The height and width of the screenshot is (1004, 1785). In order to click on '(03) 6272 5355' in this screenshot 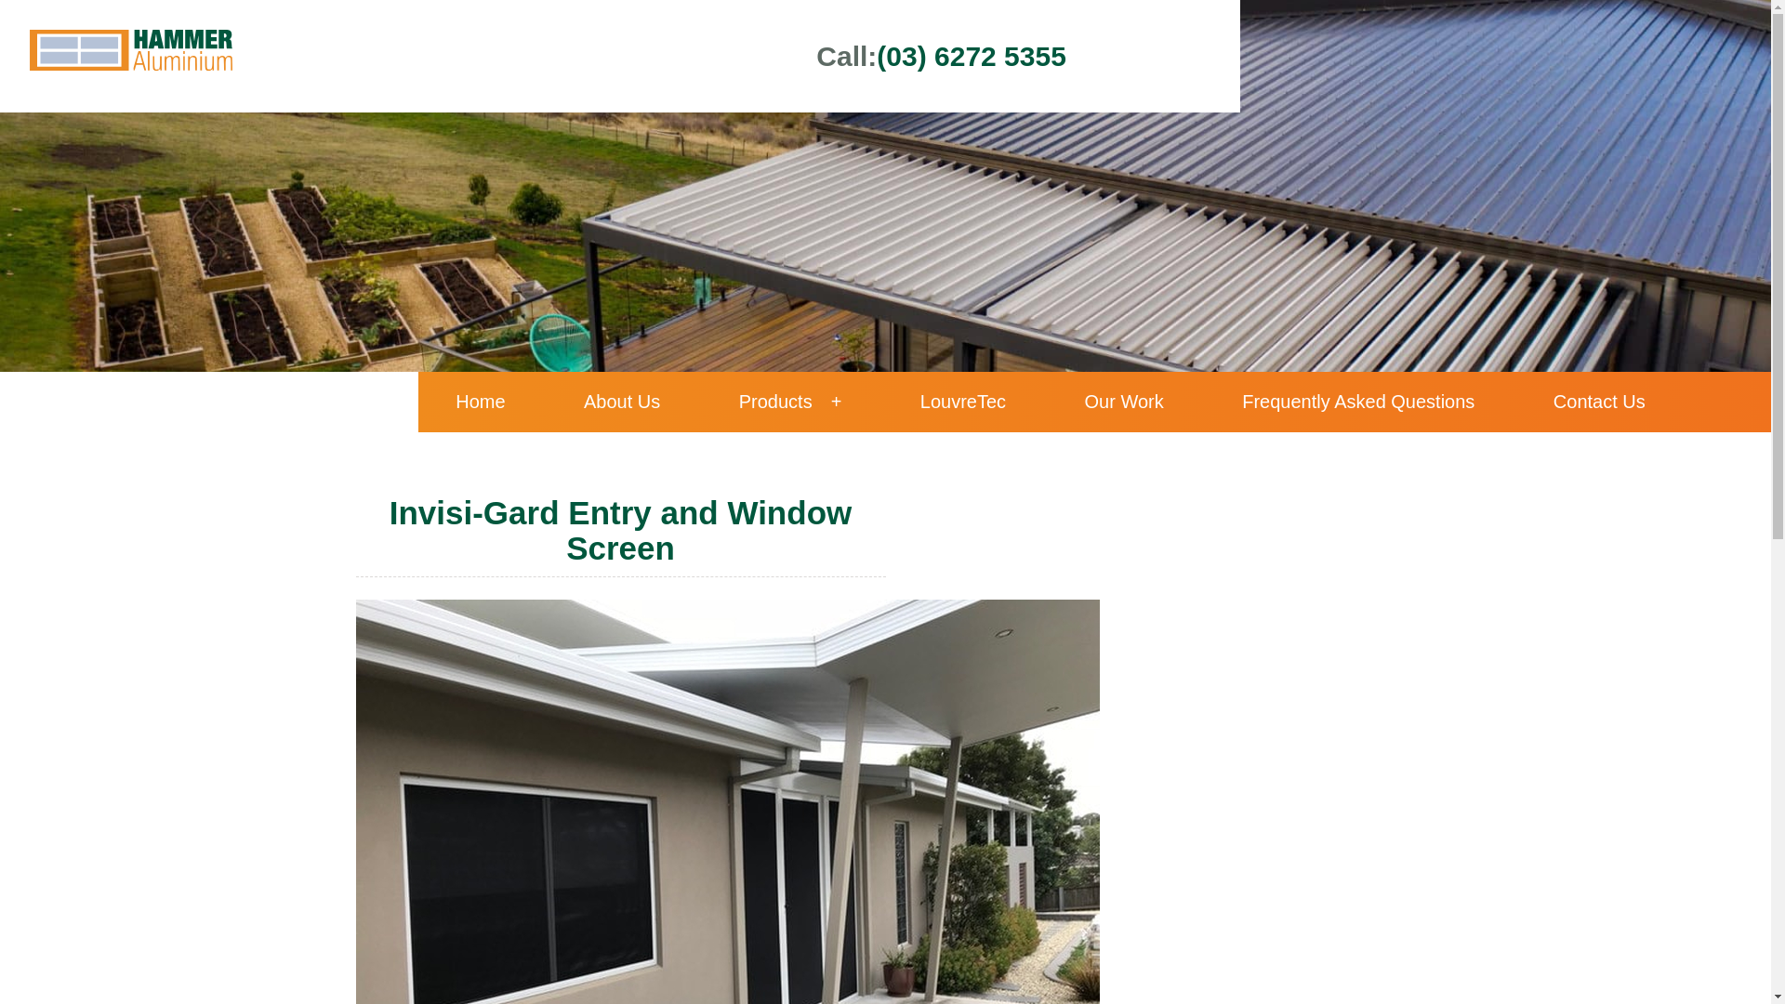, I will do `click(971, 55)`.